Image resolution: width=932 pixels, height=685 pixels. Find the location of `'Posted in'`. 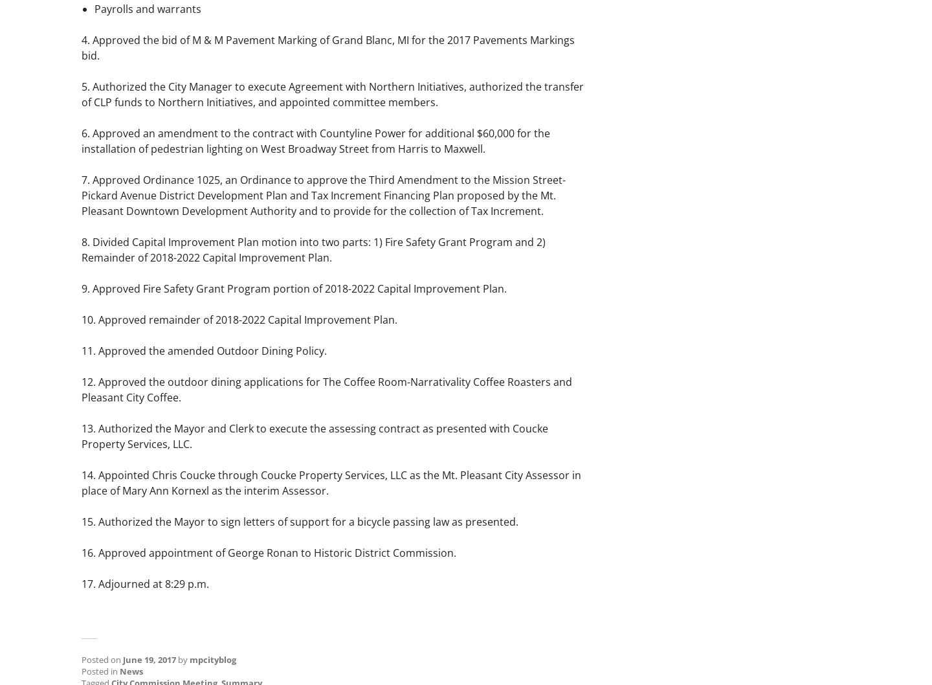

'Posted in' is located at coordinates (100, 669).